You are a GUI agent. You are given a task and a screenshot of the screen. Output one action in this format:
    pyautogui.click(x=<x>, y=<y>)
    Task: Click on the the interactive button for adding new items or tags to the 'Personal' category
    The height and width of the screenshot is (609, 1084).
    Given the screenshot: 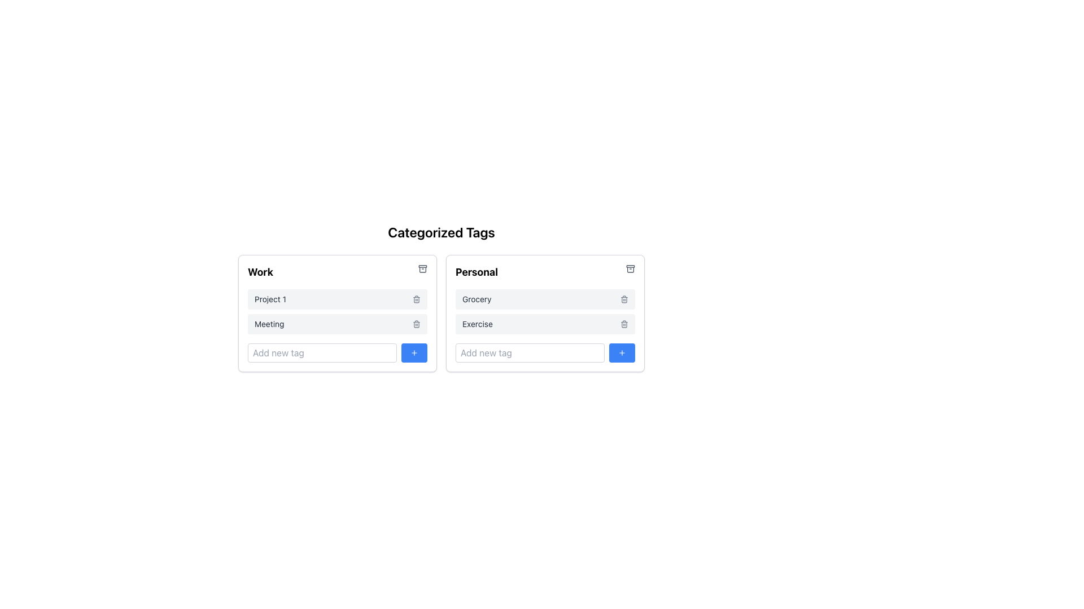 What is the action you would take?
    pyautogui.click(x=622, y=352)
    